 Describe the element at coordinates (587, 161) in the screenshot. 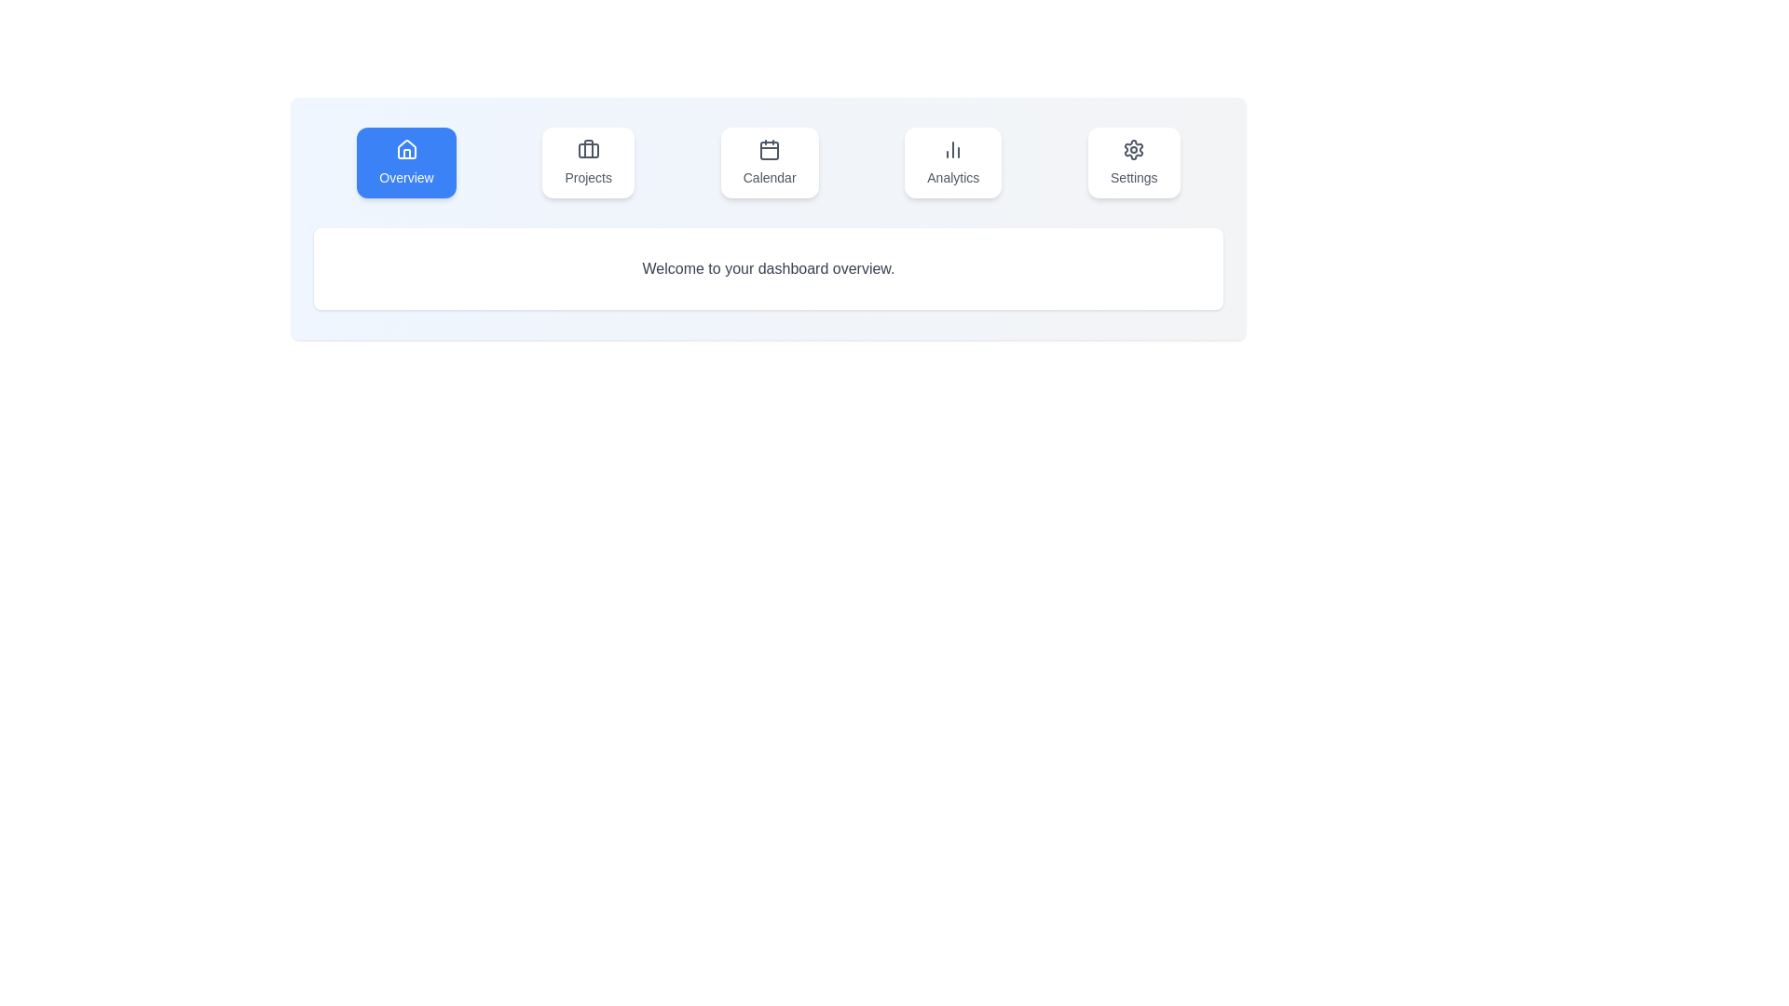

I see `the 'Projects' button, which is the second button in a horizontal row, located to the right of the 'Overview' button and to the left of the 'Calendar' button` at that location.